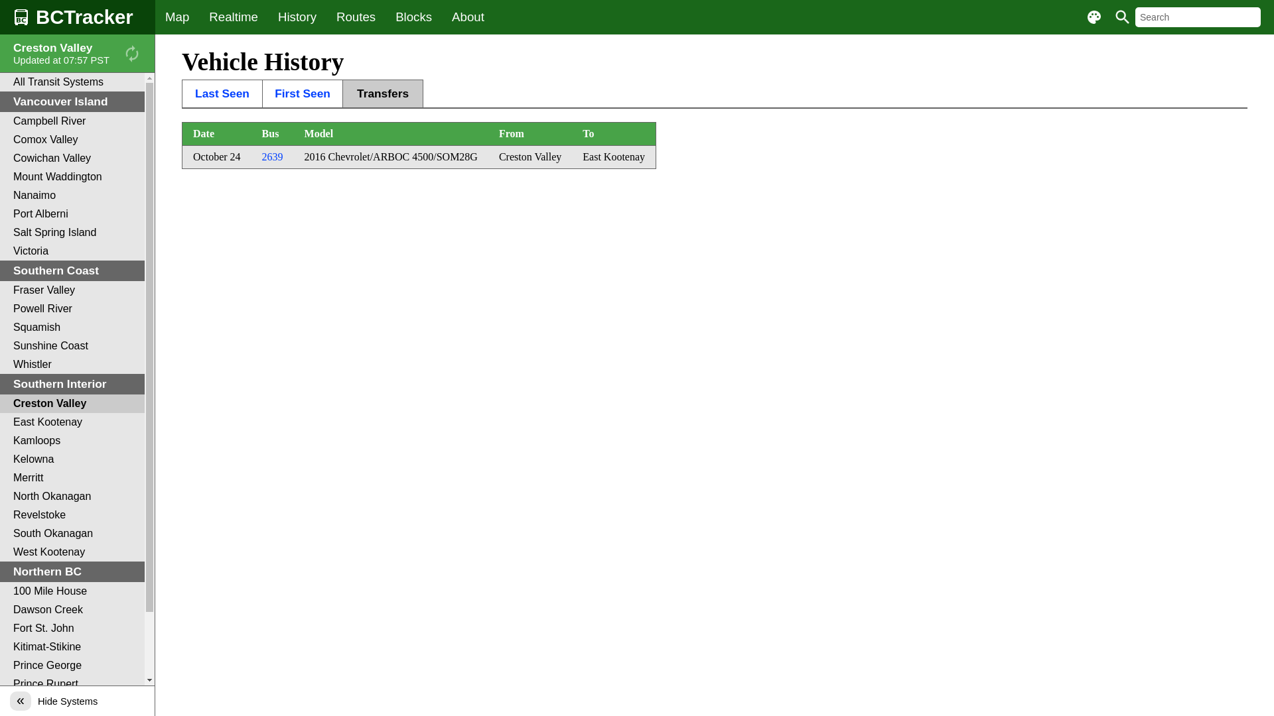 This screenshot has height=716, width=1274. I want to click on 'Kitimat-Stikine', so click(72, 646).